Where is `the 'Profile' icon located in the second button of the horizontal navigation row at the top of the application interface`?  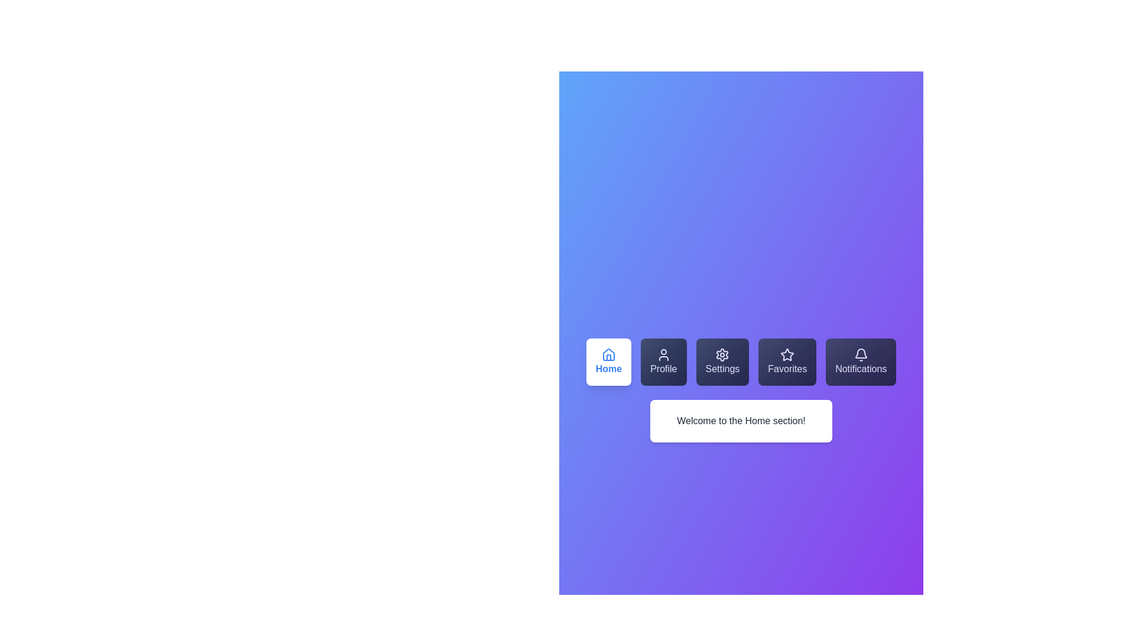
the 'Profile' icon located in the second button of the horizontal navigation row at the top of the application interface is located at coordinates (663, 354).